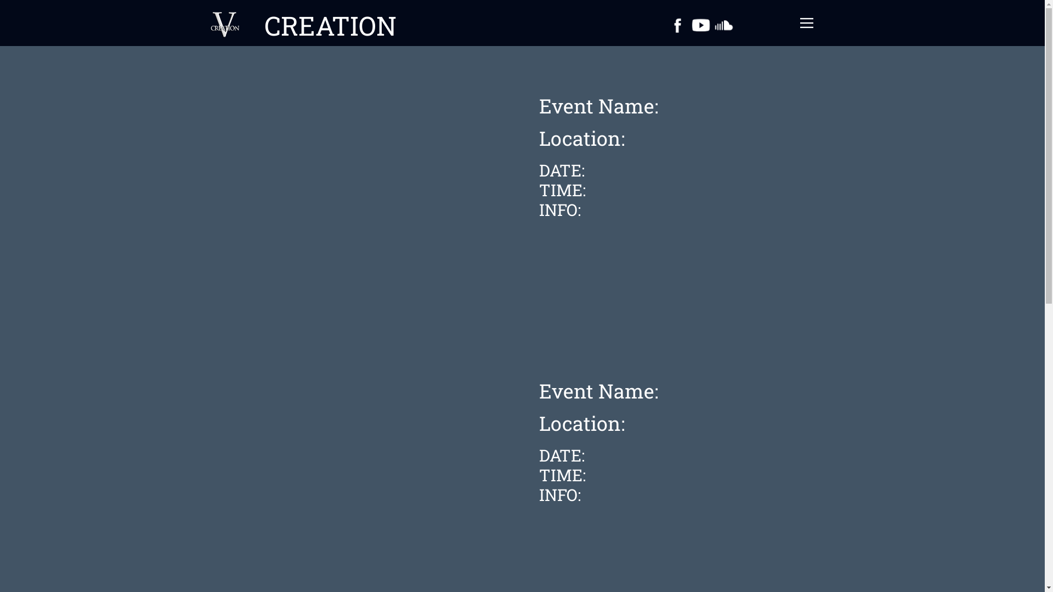 This screenshot has height=592, width=1053. I want to click on 'Soundcloud', so click(724, 25).